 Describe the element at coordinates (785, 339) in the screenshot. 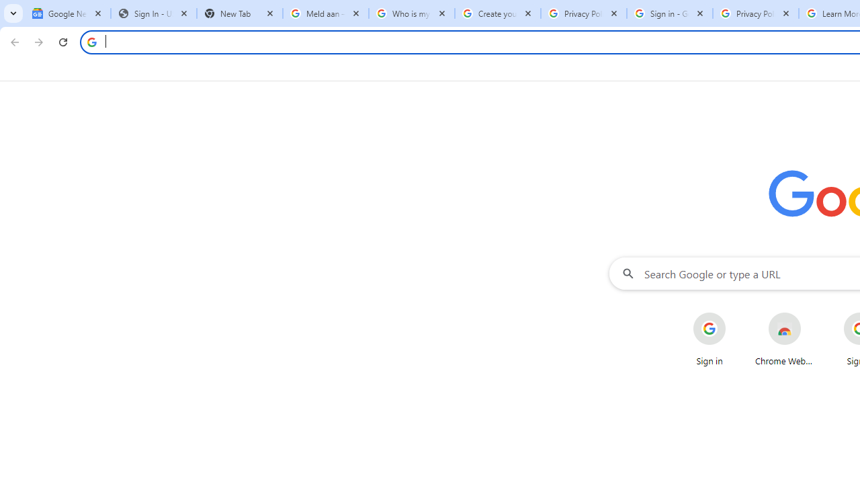

I see `'Chrome Web Store'` at that location.